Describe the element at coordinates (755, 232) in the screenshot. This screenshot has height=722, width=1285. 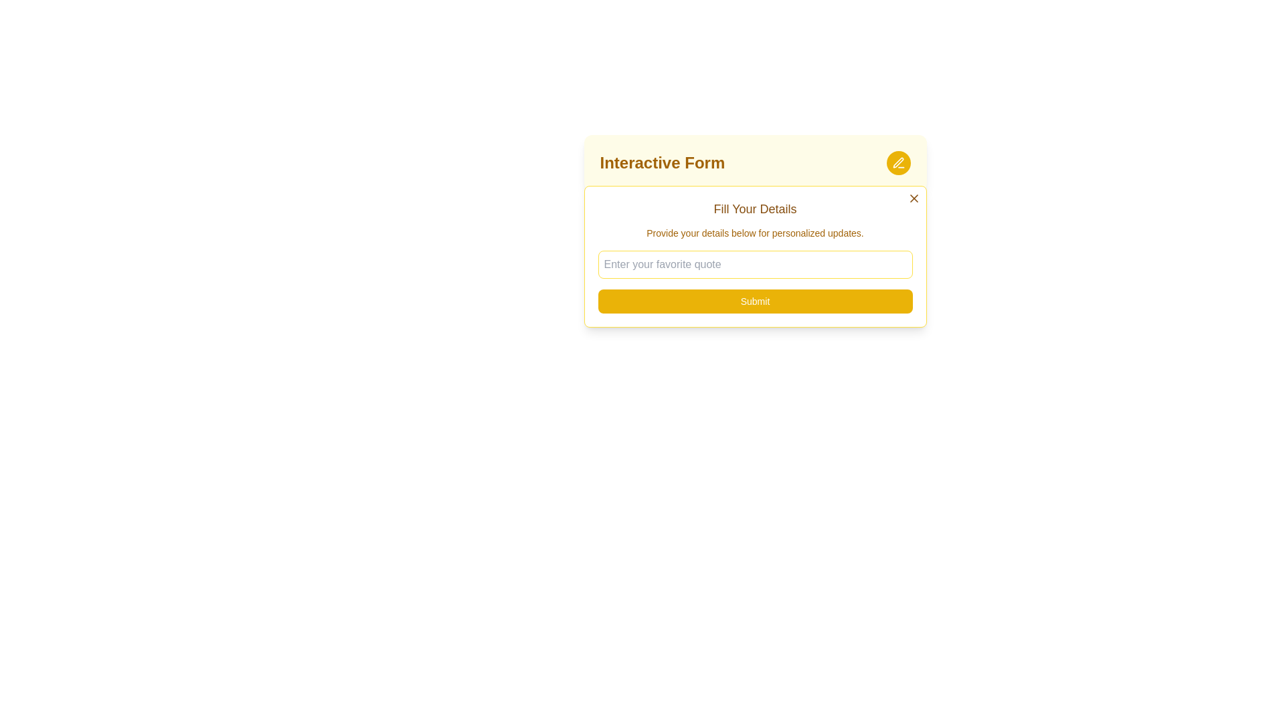
I see `the static text element displaying 'Provide your details below for personalized updates.', which is located below the header 'Fill Your Details.'` at that location.